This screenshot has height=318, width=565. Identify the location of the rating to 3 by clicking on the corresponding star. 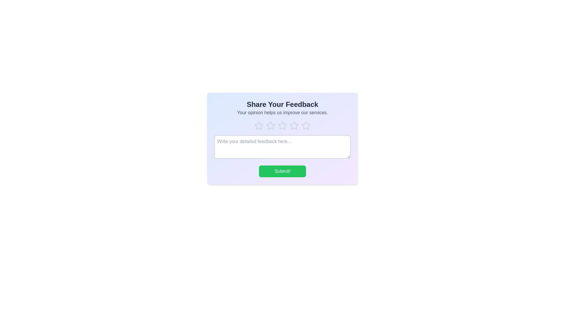
(282, 125).